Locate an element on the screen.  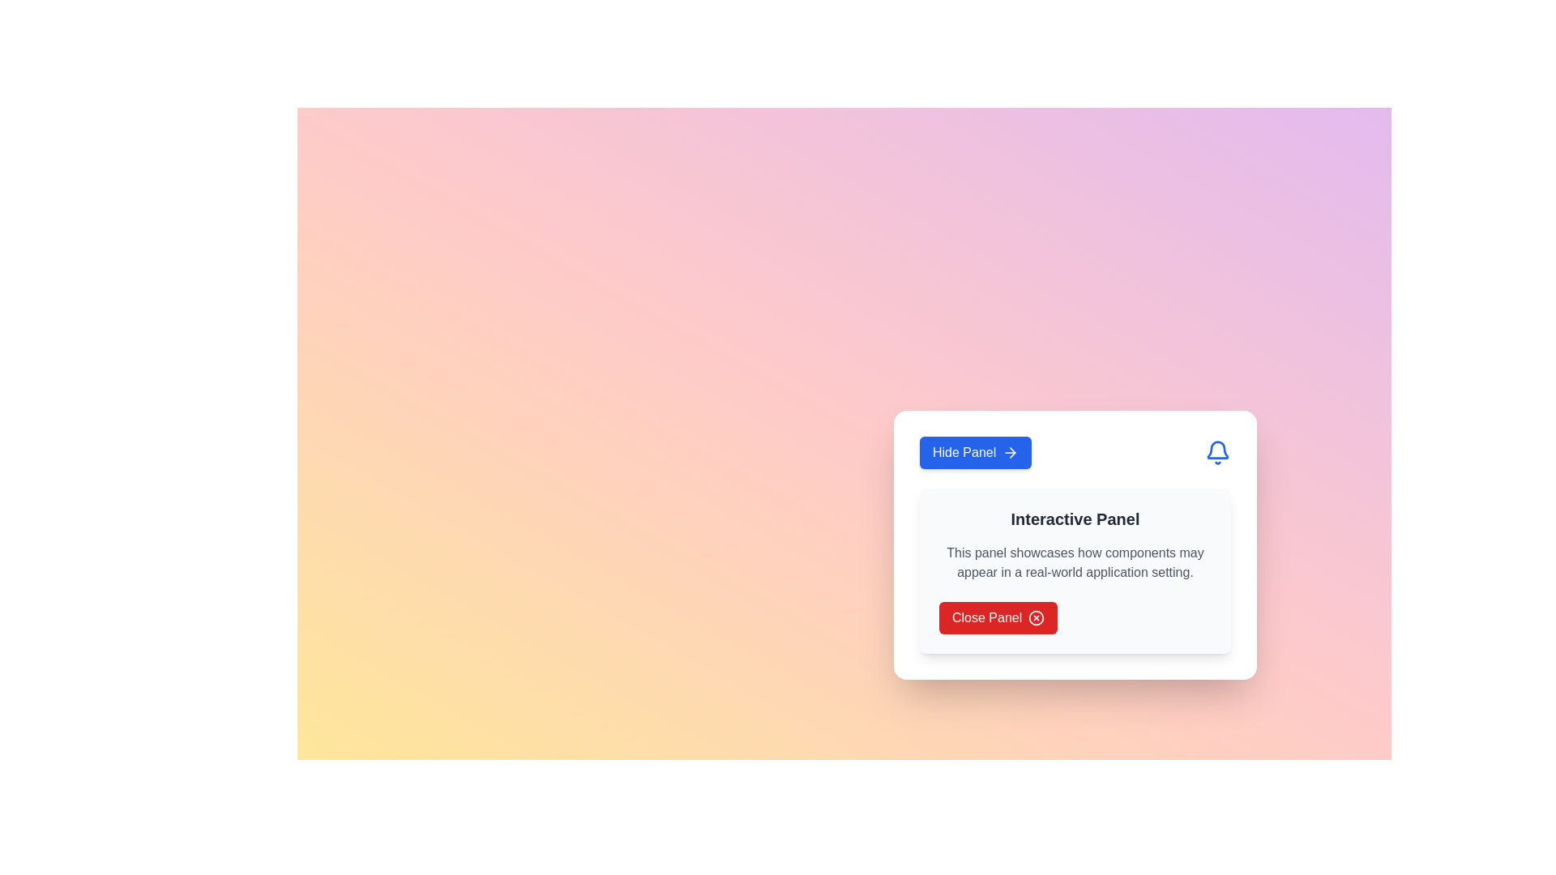
the 'Interactive Panel' static text label, which is styled in bold and large font, located at the top of the white panel component is located at coordinates (1075, 519).